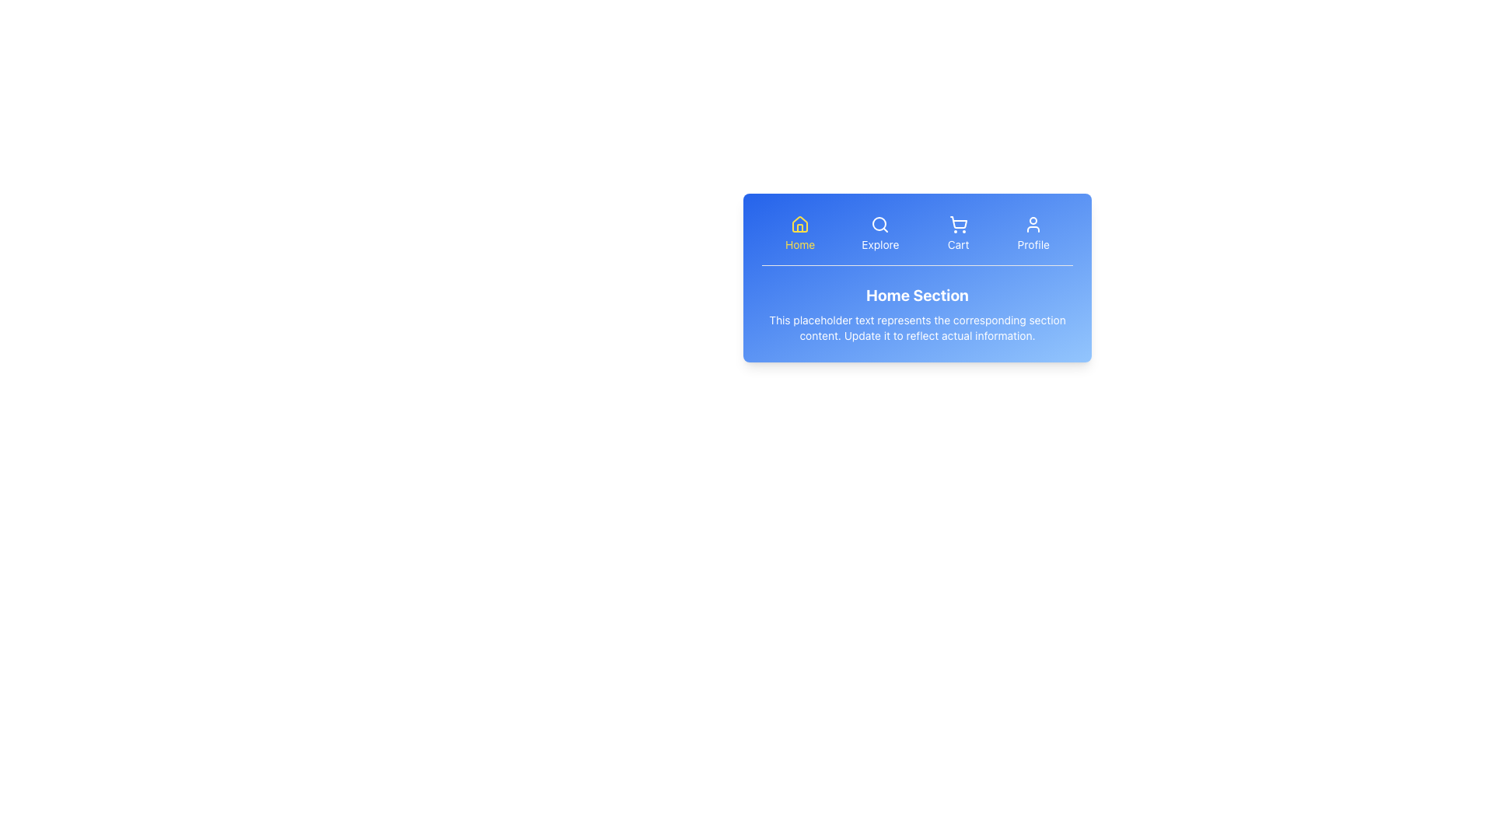 The width and height of the screenshot is (1493, 840). I want to click on the 'Cart' icon located in the top navigation bar, so click(957, 225).